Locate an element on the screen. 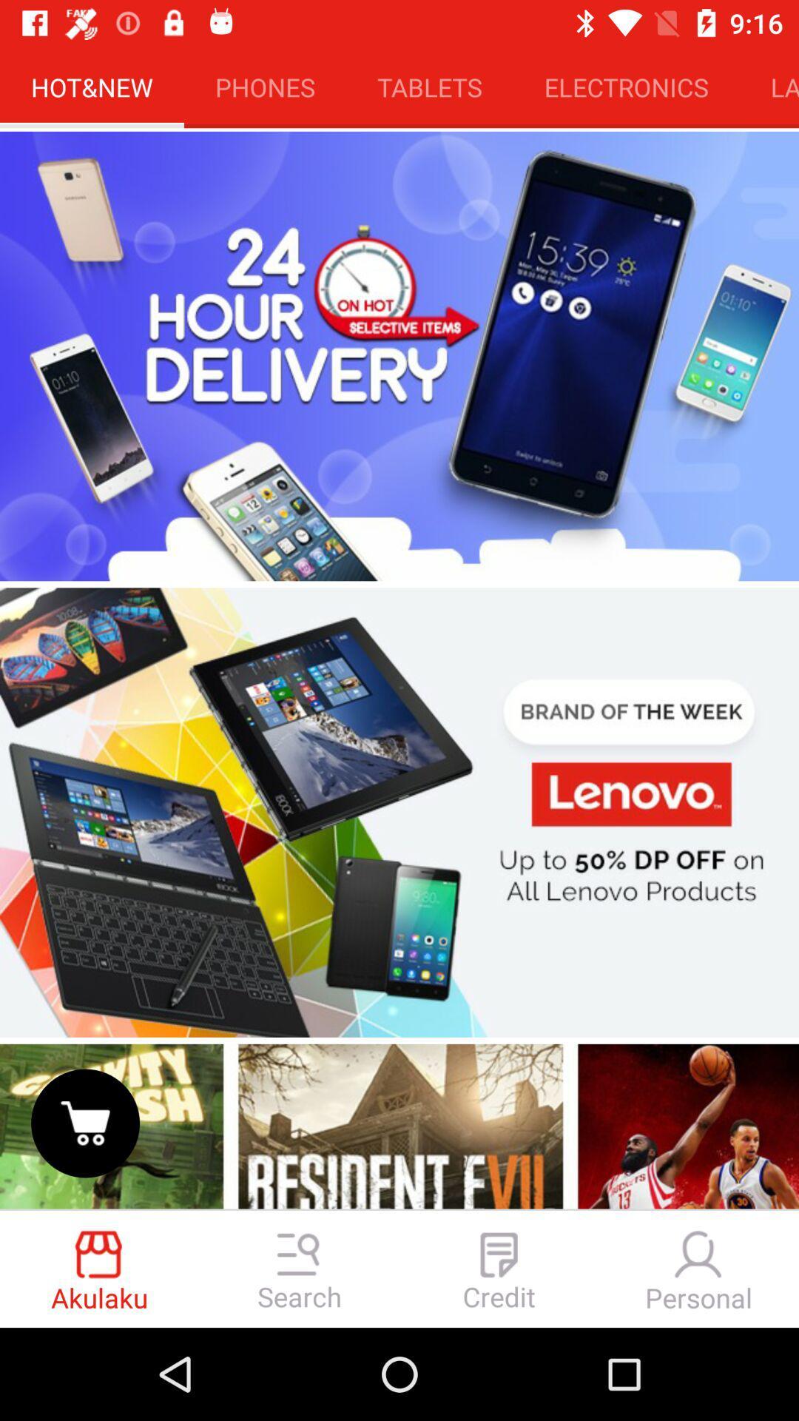 This screenshot has height=1421, width=799. see advertisement is located at coordinates (399, 812).